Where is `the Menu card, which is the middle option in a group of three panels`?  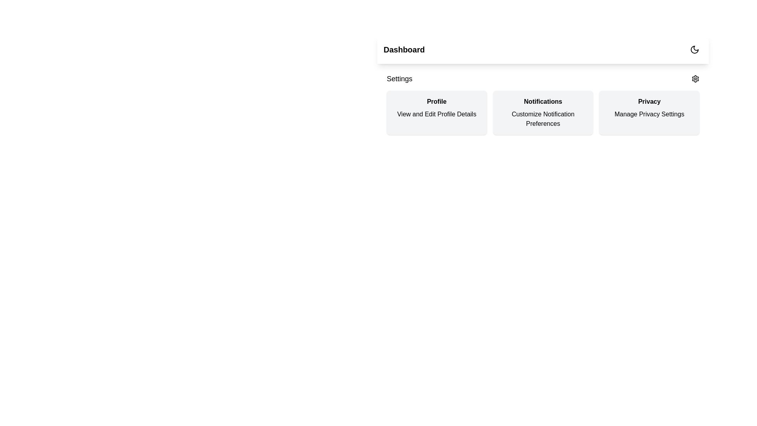 the Menu card, which is the middle option in a group of three panels is located at coordinates (543, 112).